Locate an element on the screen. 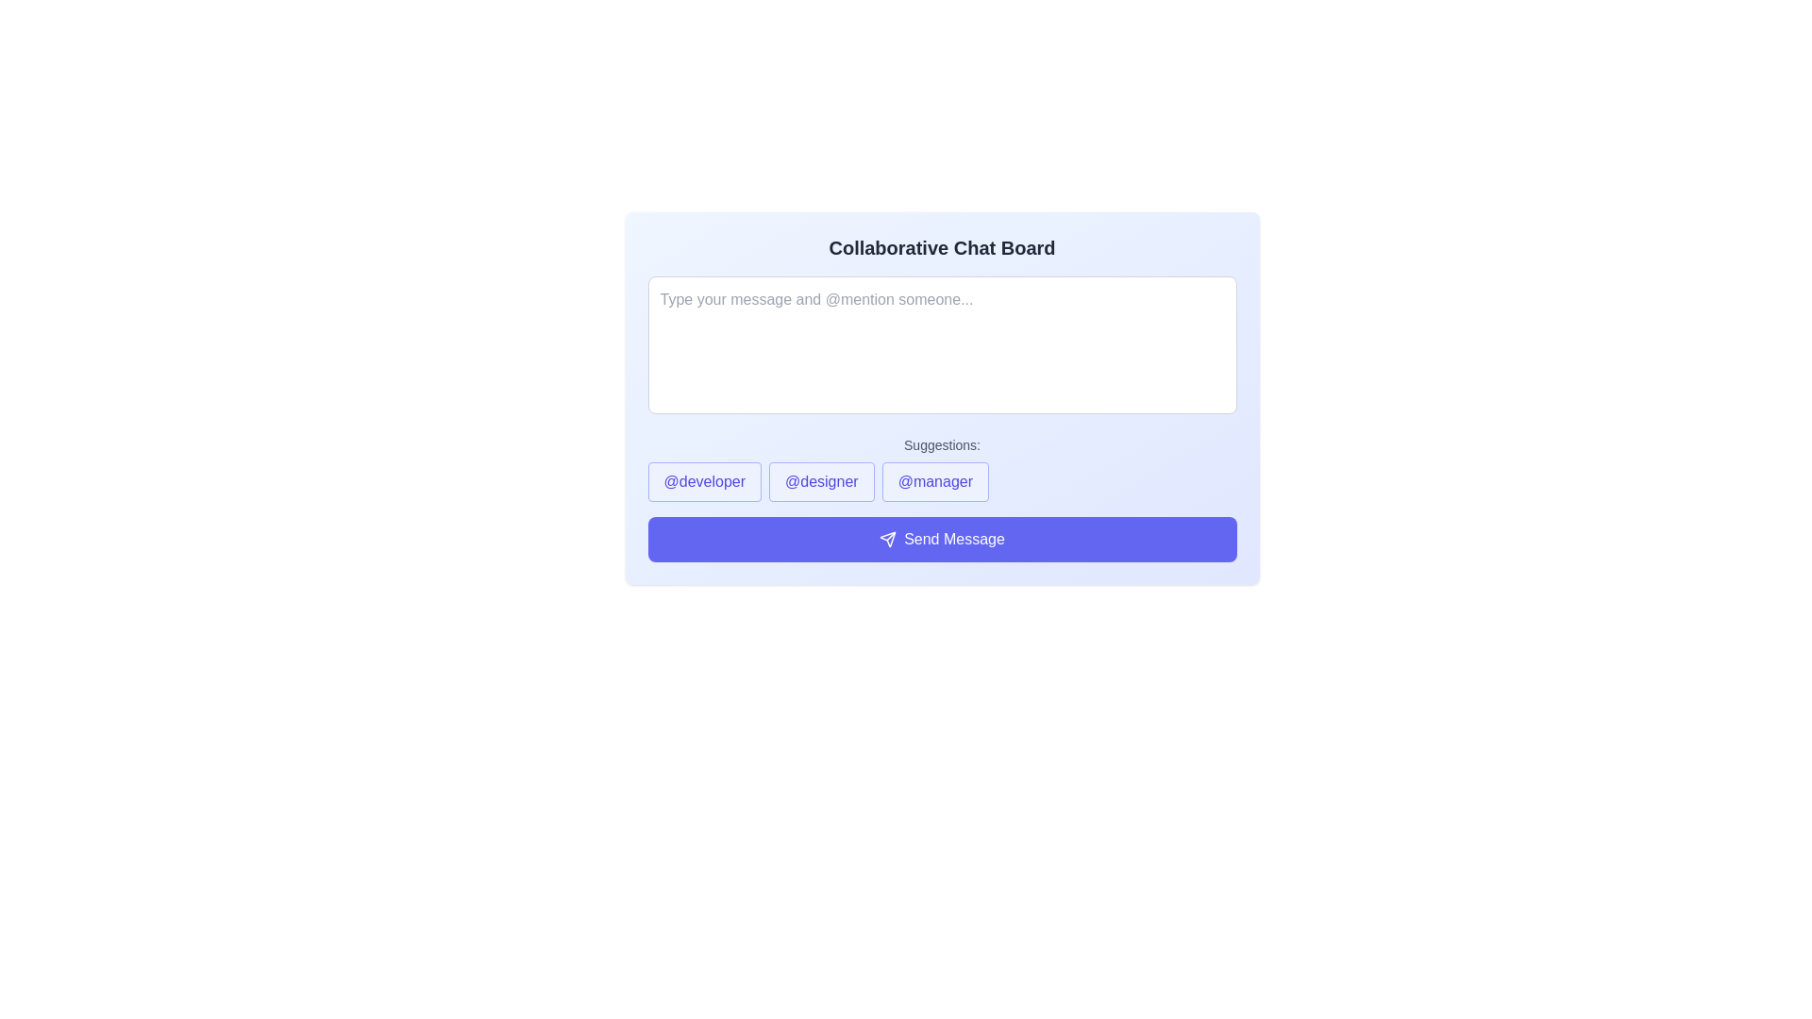 This screenshot has width=1812, height=1019. keyboard navigation is located at coordinates (821, 480).